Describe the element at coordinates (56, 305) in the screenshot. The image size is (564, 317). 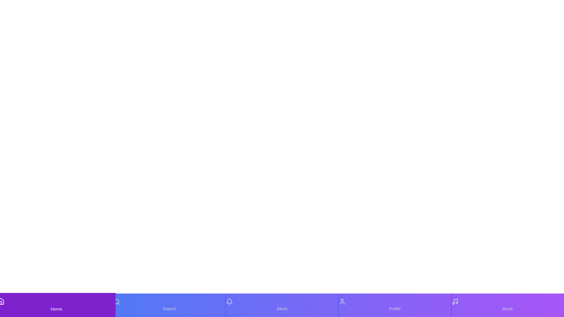
I see `the Home tab in the MultimediaBottomNavigation component` at that location.